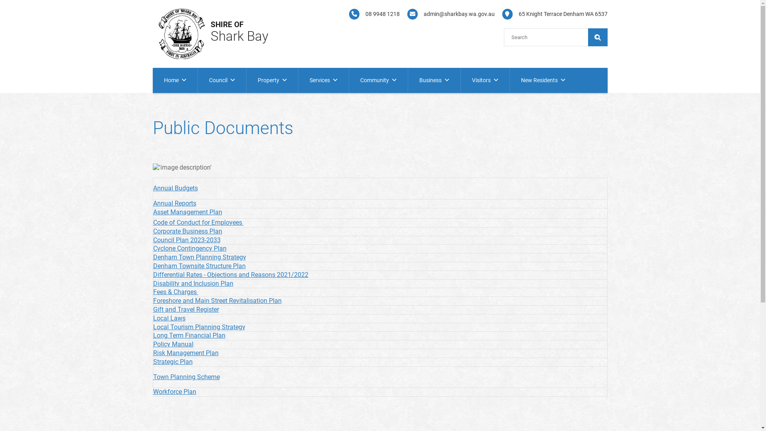 The height and width of the screenshot is (431, 766). Describe the element at coordinates (230, 274) in the screenshot. I see `'Differential Rates - Objections and Reasons 2021/2022'` at that location.